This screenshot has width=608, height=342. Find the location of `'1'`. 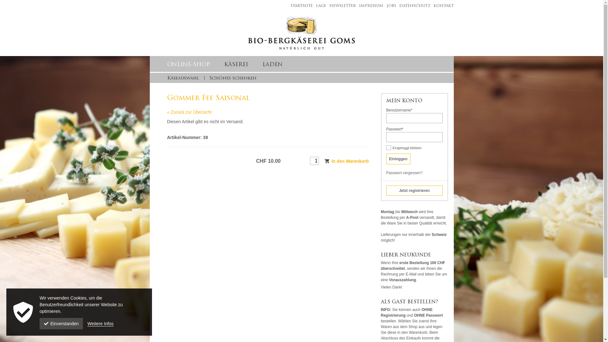

'1' is located at coordinates (310, 161).